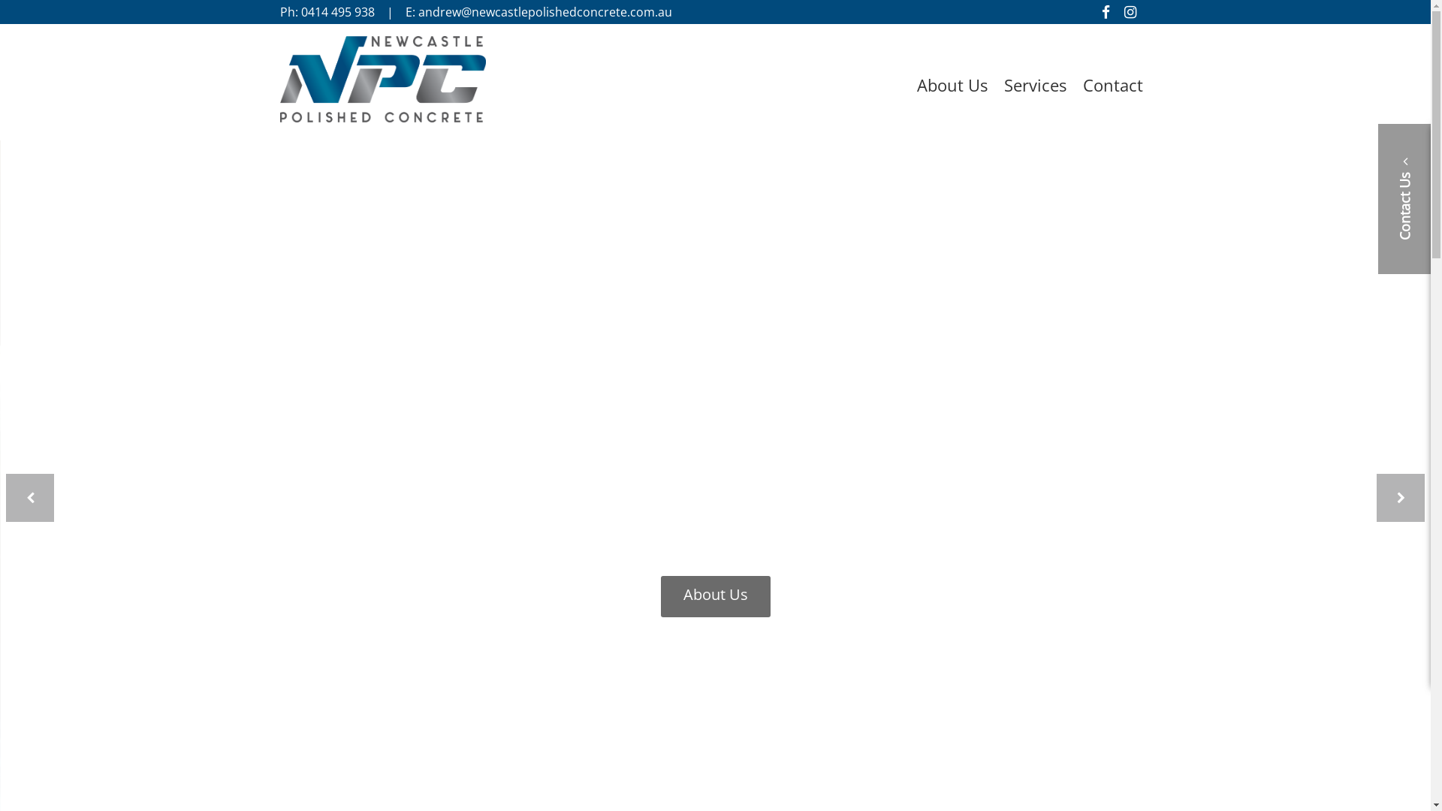  I want to click on 'About Us', so click(951, 84).